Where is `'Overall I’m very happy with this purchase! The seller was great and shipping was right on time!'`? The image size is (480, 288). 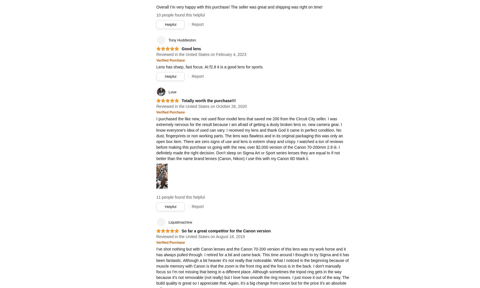
'Overall I’m very happy with this purchase! The seller was great and shipping was right on time!' is located at coordinates (239, 7).